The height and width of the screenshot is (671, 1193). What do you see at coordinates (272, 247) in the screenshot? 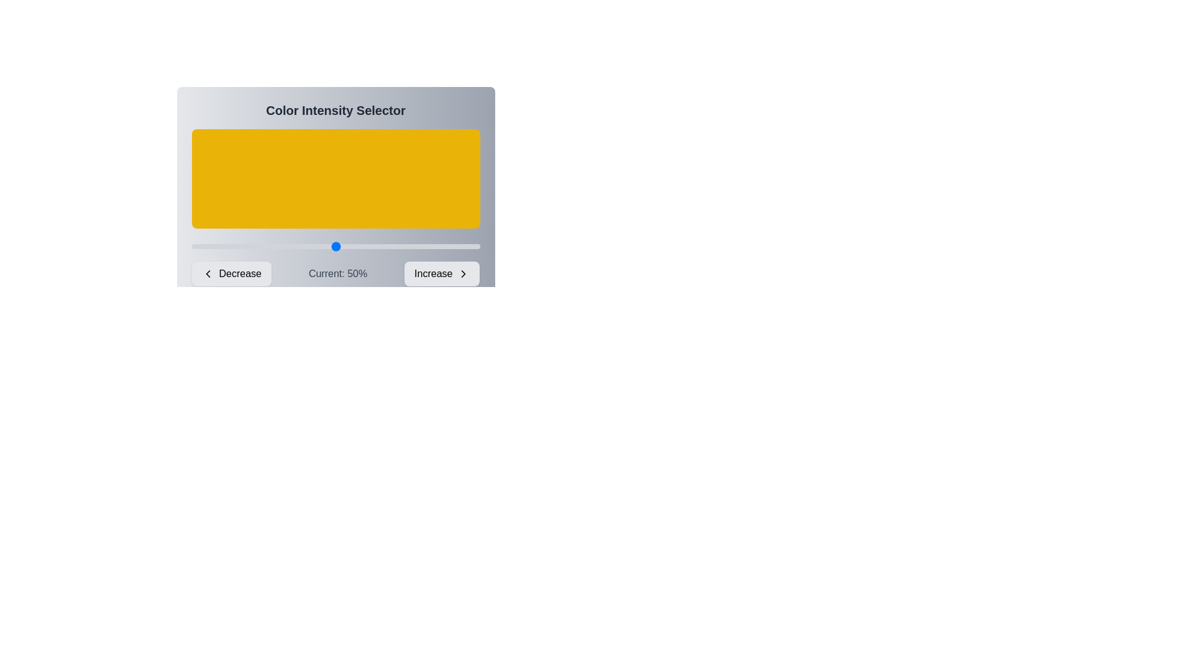
I see `color intensity` at bounding box center [272, 247].